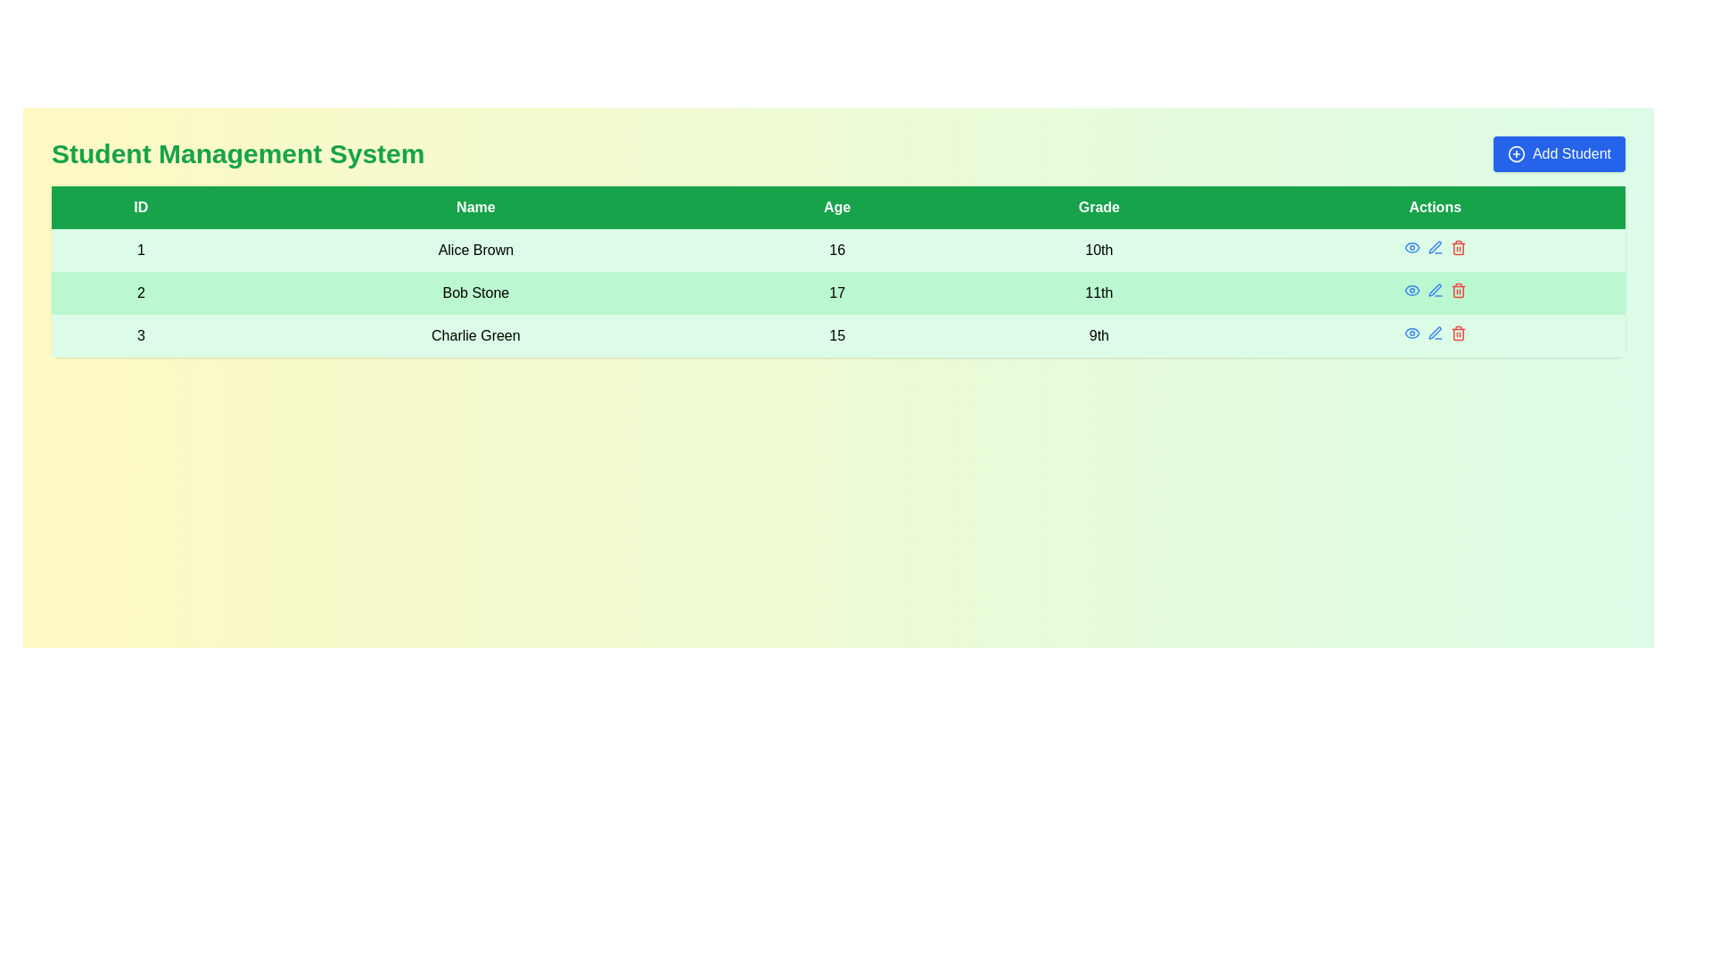 The image size is (1712, 963). I want to click on the text element displaying the age information (15 years) of the student 'Charlie Green' in the Age column of the Student Management System table, so click(836, 336).